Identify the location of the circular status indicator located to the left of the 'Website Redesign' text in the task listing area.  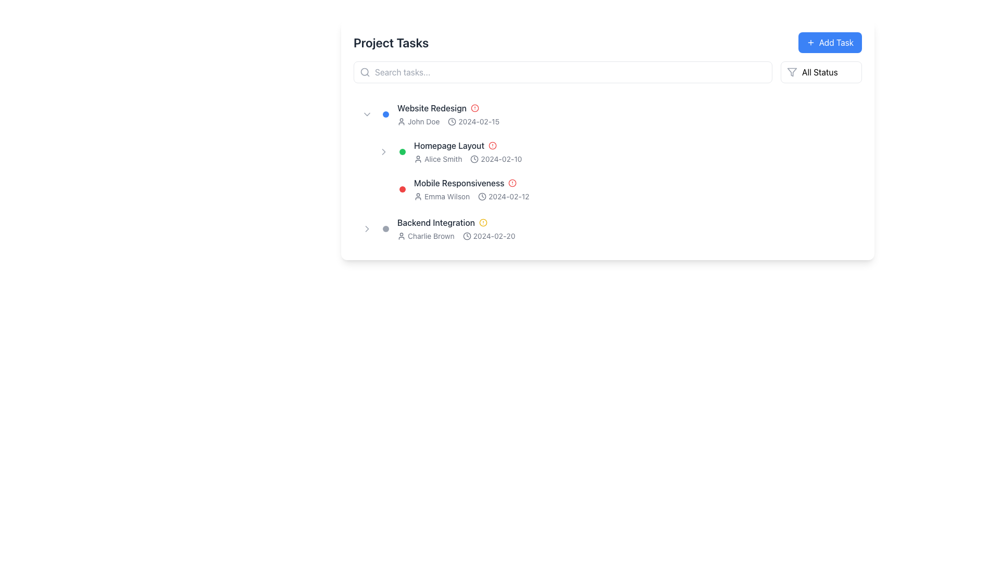
(385, 114).